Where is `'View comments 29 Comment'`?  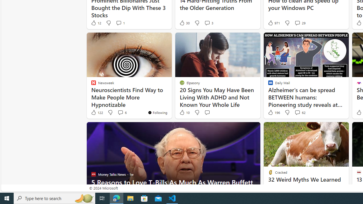
'View comments 29 Comment' is located at coordinates (299, 23).